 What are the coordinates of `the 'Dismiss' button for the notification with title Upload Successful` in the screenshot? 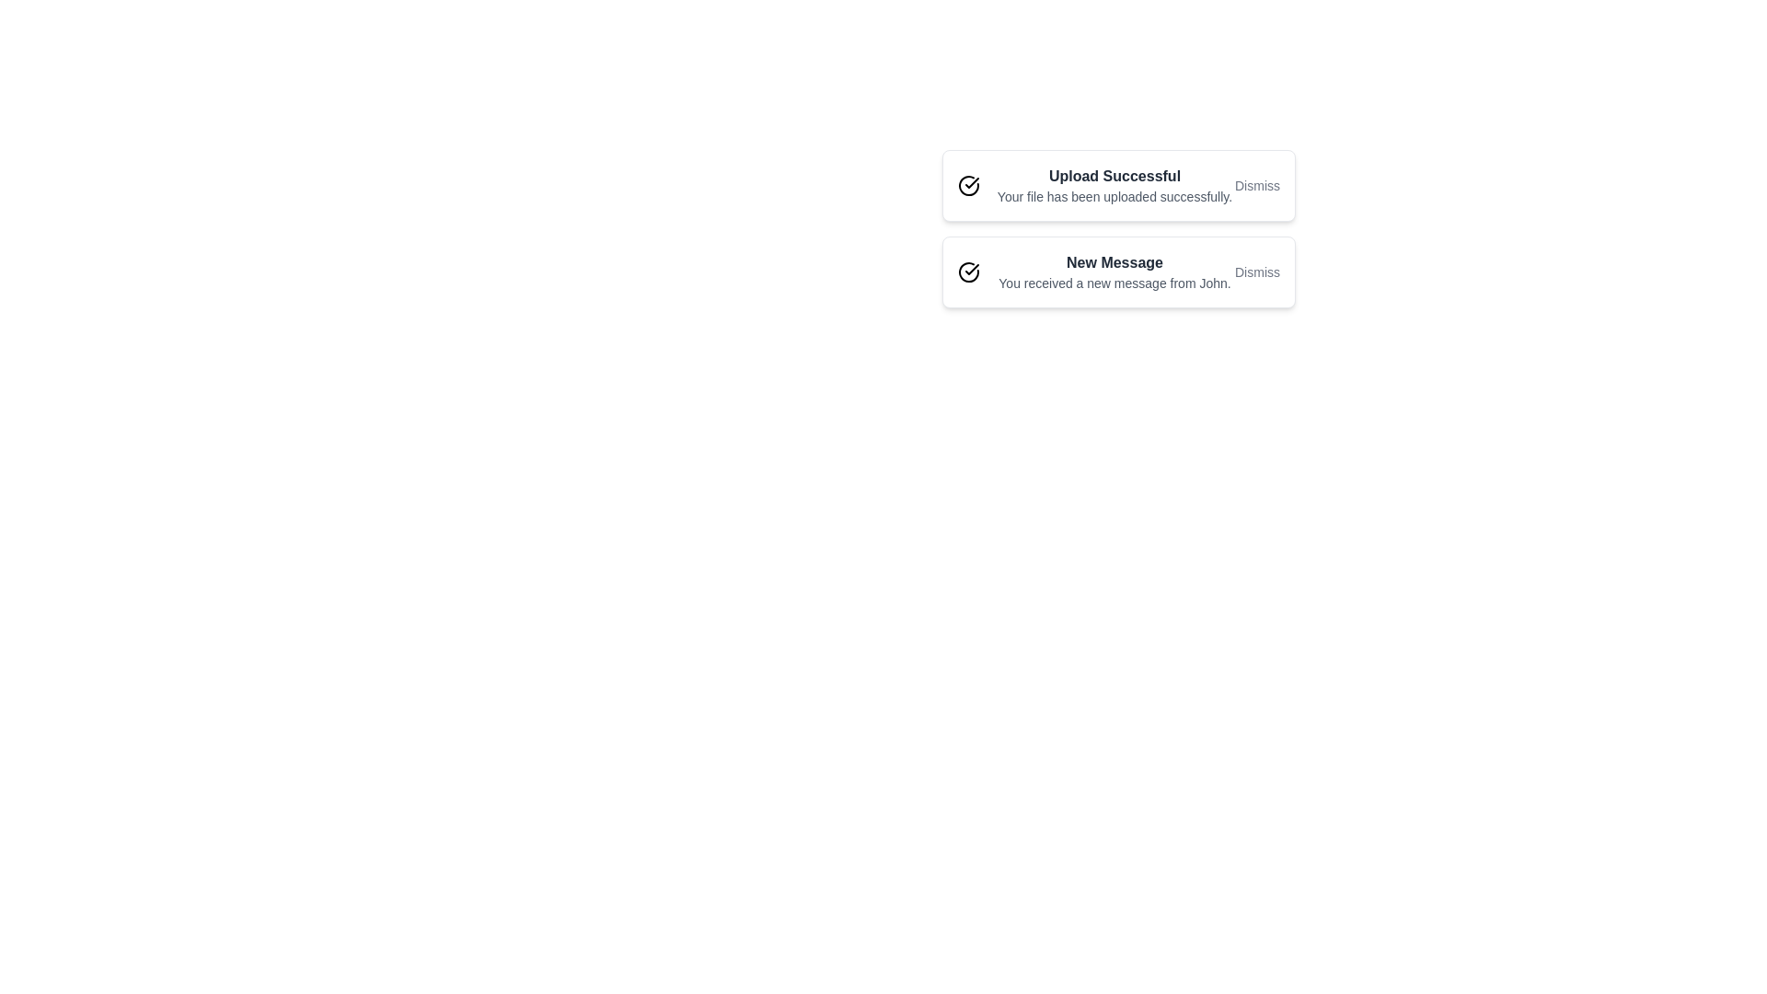 It's located at (1256, 185).